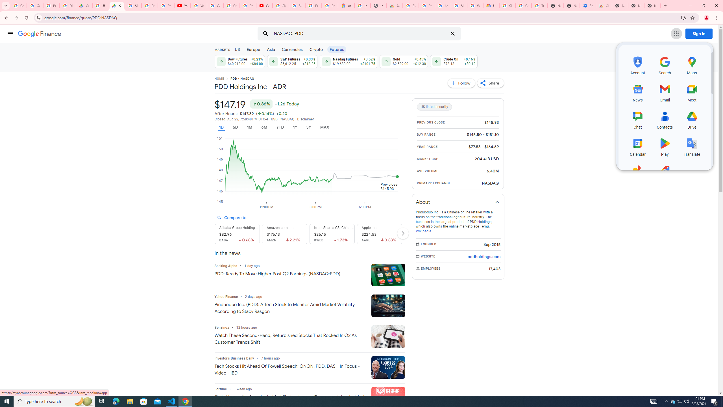  What do you see at coordinates (348, 61) in the screenshot?
I see `'Nasdaq Futures $19,680.00 Up by 0.55% +$101.75'` at bounding box center [348, 61].